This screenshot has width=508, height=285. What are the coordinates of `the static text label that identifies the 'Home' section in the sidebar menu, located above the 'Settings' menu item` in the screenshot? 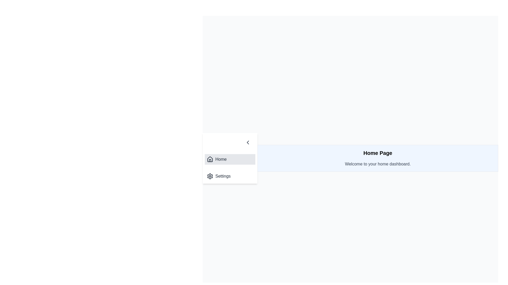 It's located at (221, 159).